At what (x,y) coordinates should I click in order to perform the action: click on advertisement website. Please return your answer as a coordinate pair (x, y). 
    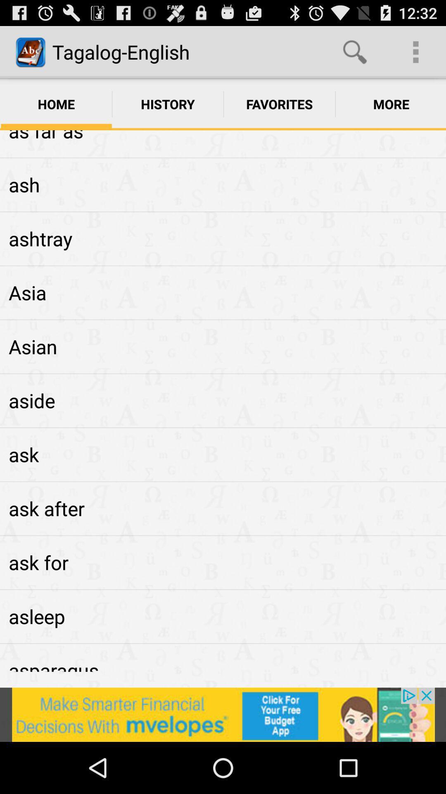
    Looking at the image, I should click on (223, 714).